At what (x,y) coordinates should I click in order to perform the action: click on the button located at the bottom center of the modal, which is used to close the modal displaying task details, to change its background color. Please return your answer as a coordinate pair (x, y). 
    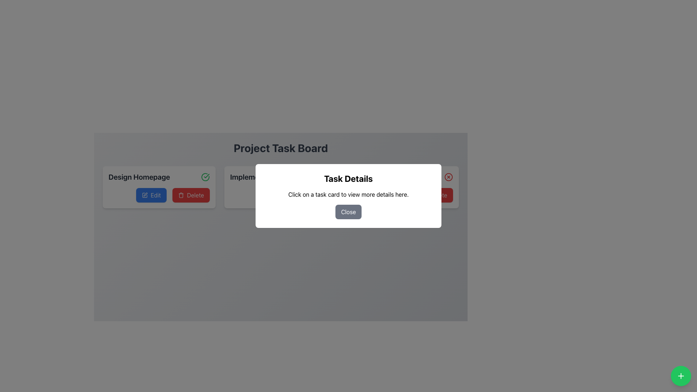
    Looking at the image, I should click on (348, 212).